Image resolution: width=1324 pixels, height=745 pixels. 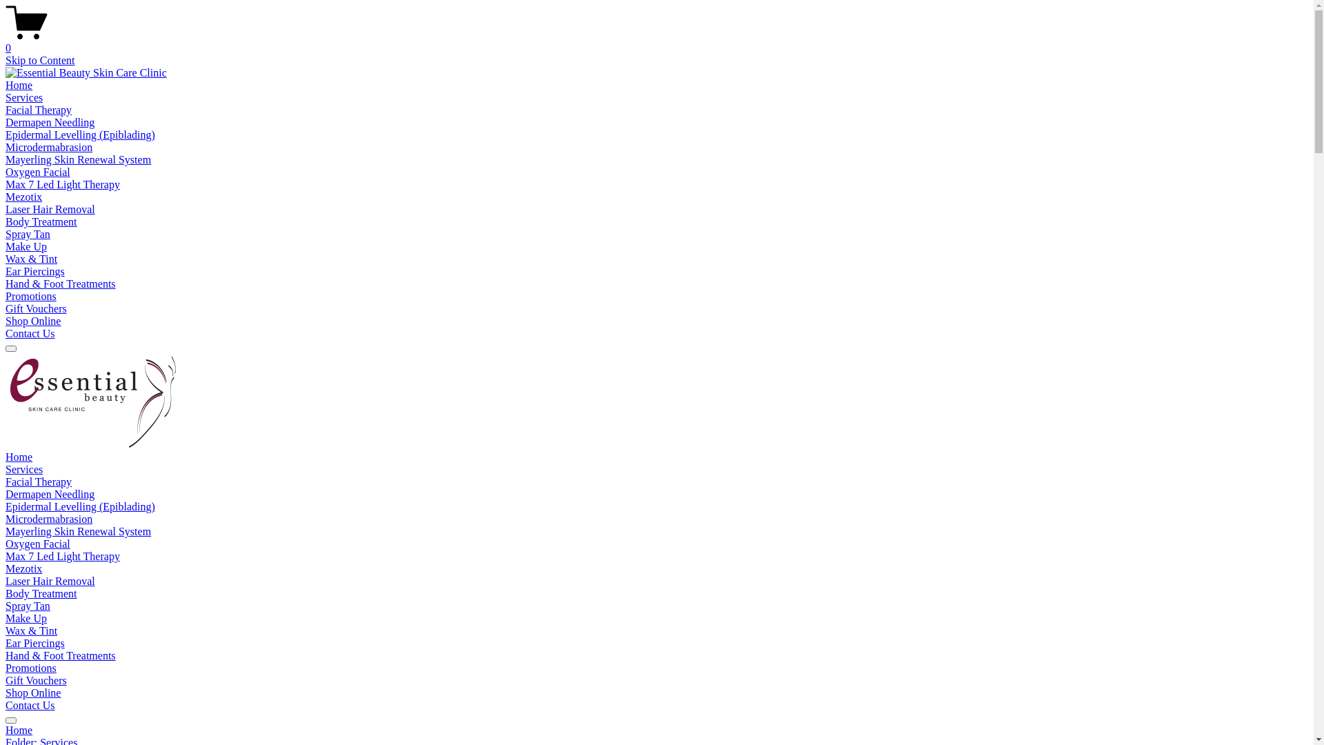 What do you see at coordinates (62, 183) in the screenshot?
I see `'Max 7 Led Light Therapy'` at bounding box center [62, 183].